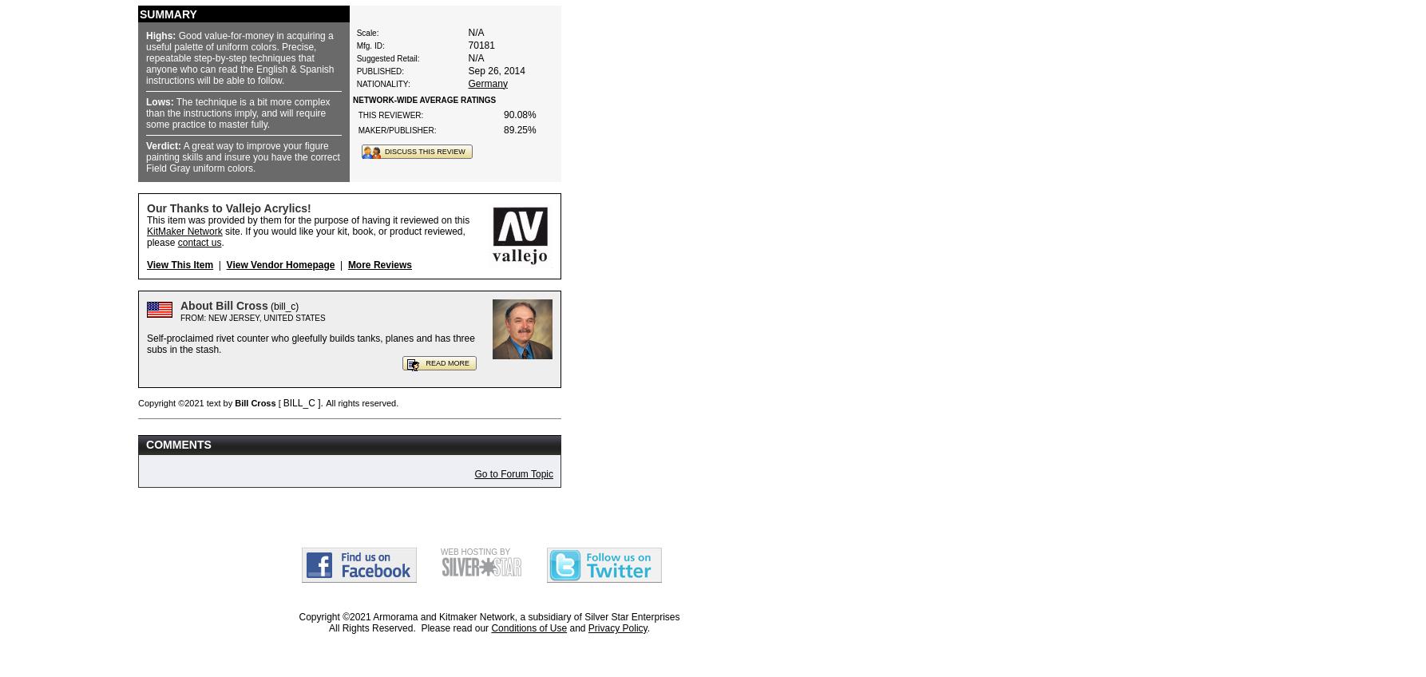  What do you see at coordinates (422, 98) in the screenshot?
I see `'NETWORK-WIDE AVERAGE RATINGS'` at bounding box center [422, 98].